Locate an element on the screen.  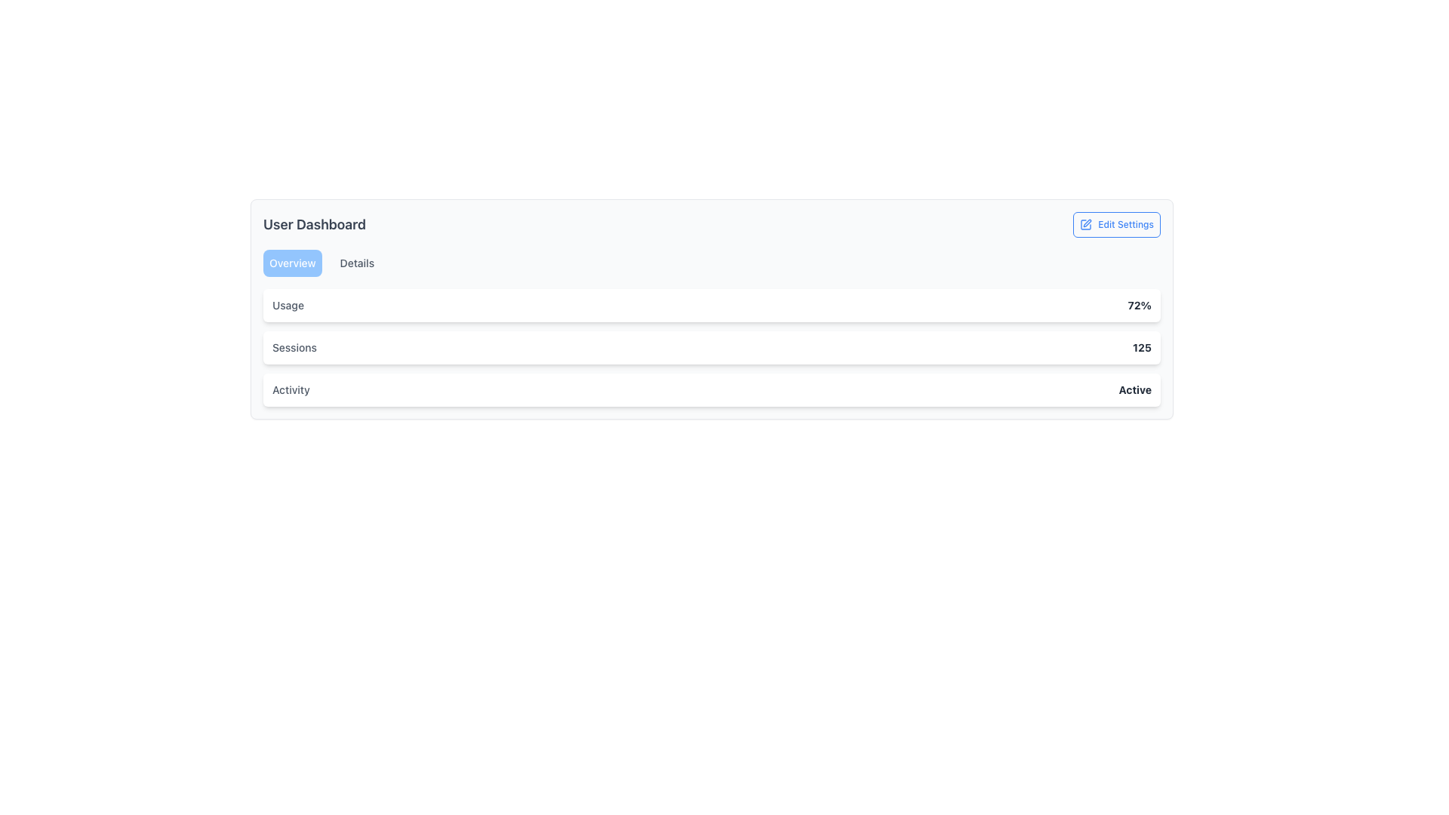
the icon resembling a square with a pen overlay is located at coordinates (1085, 224).